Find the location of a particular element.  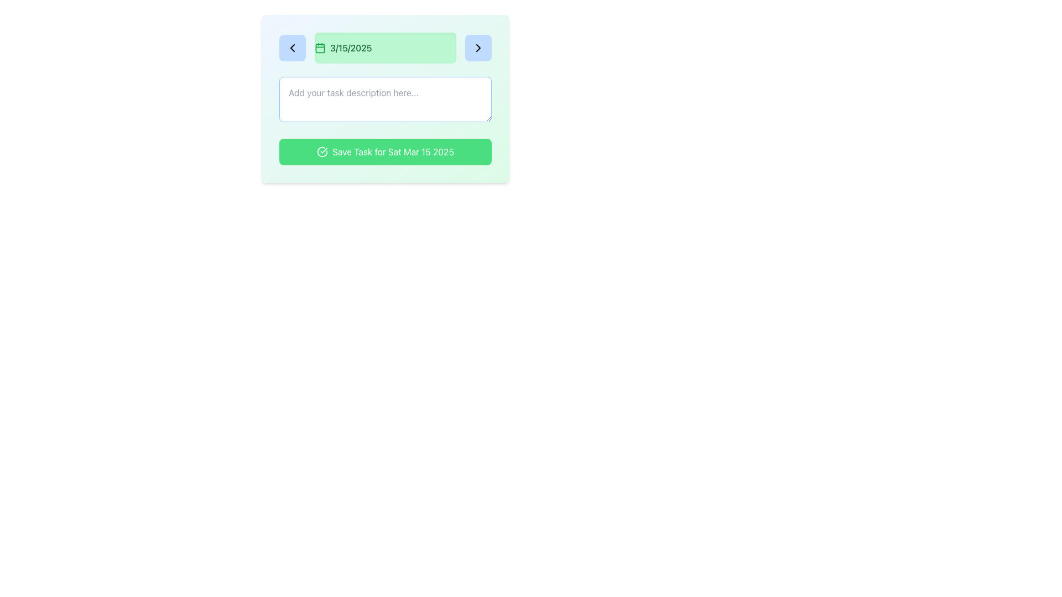

the small calendar icon with a green outline positioned next to the text '3/15/2025' is located at coordinates (320, 48).